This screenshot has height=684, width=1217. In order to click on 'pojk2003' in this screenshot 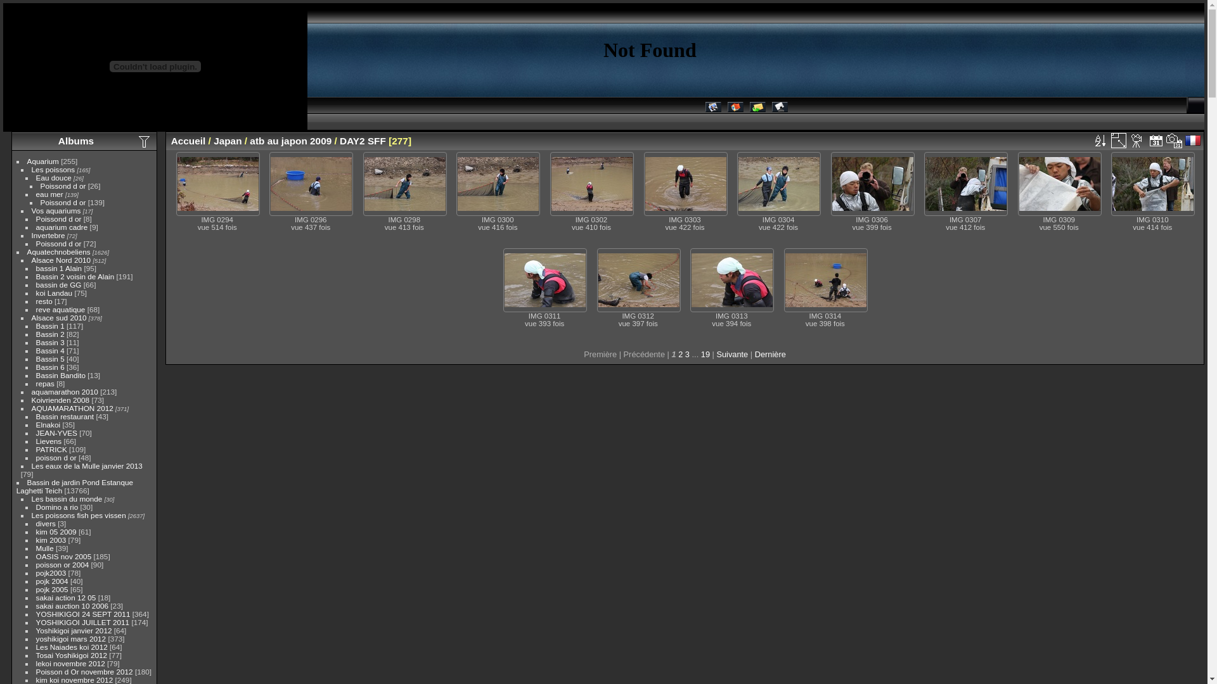, I will do `click(51, 573)`.